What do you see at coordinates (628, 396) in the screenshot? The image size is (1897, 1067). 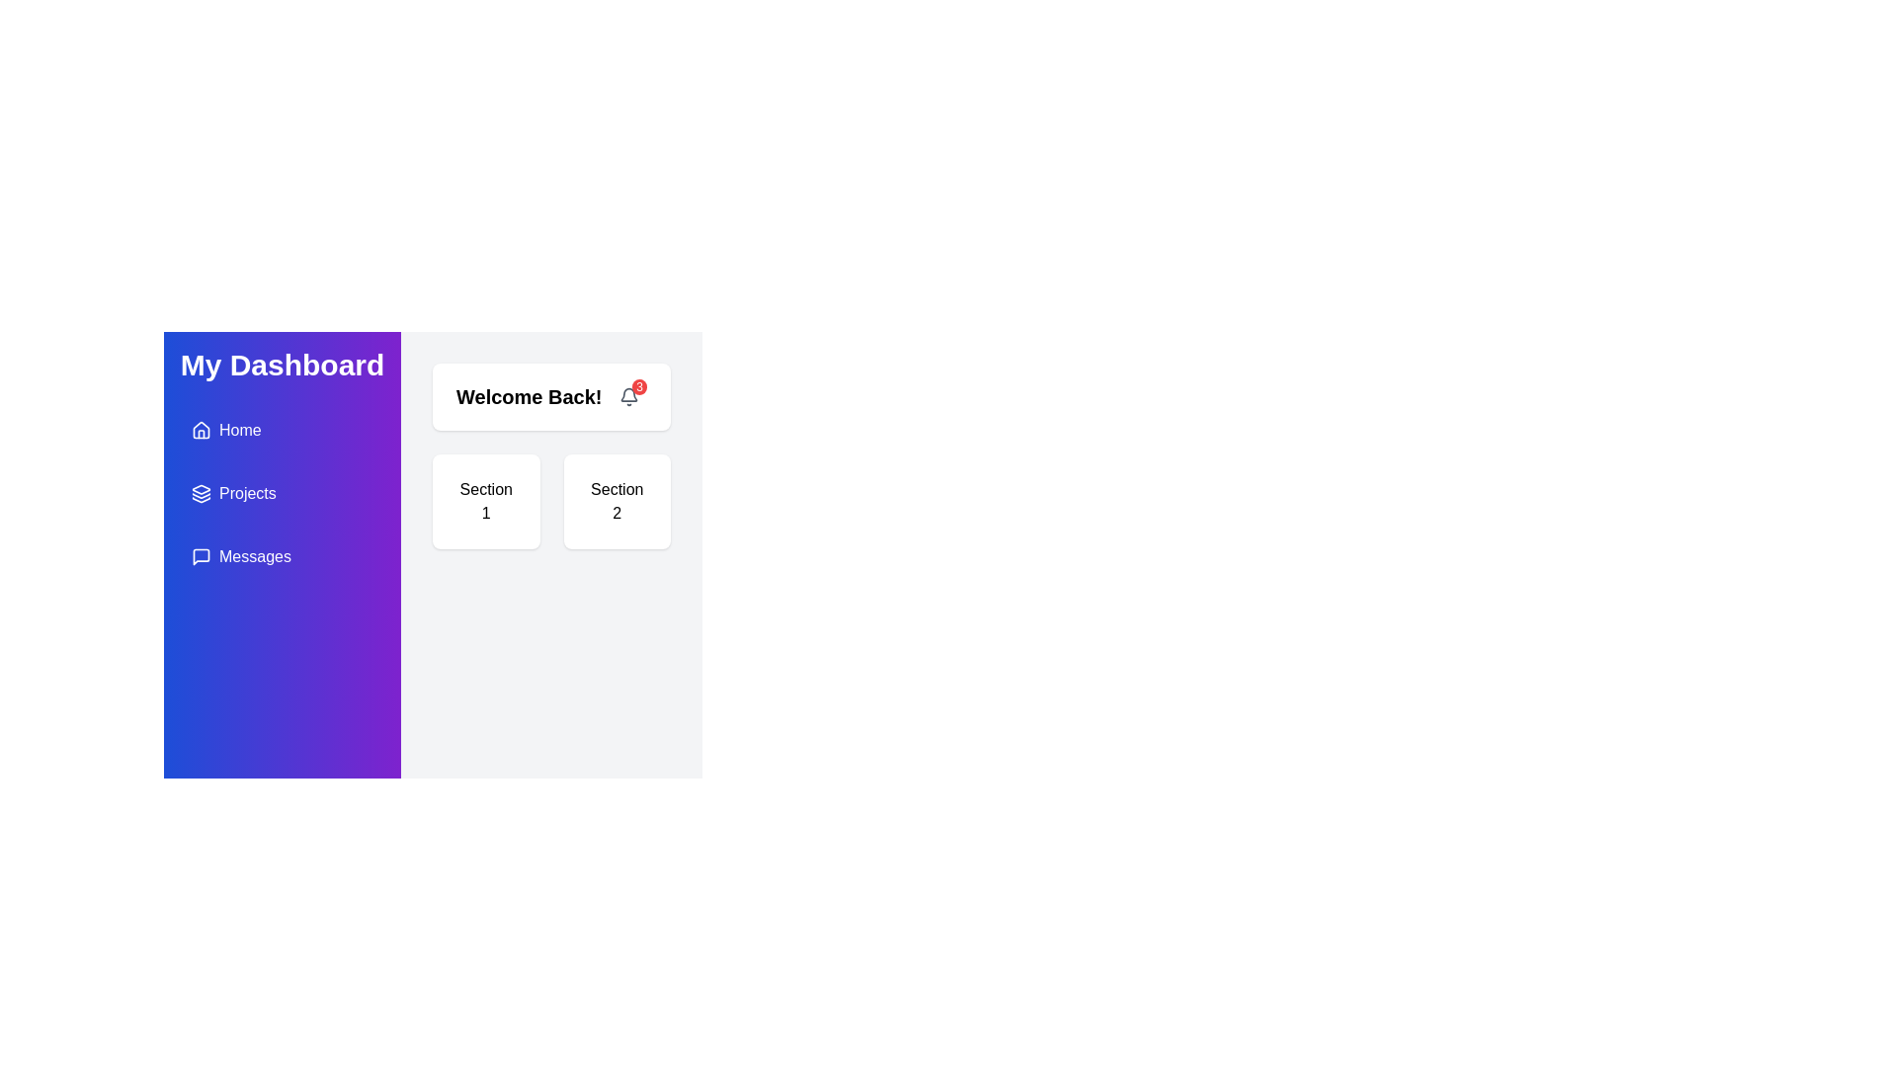 I see `the notification icon located in the top right corner of the dashboard` at bounding box center [628, 396].